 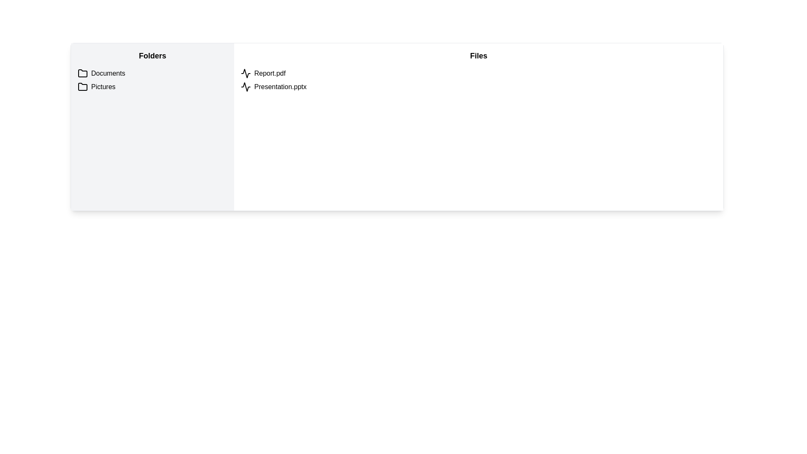 I want to click on the 'Folders' section in the left navigation pane that contains 'Documents' and 'Pictures' items, so click(x=153, y=127).